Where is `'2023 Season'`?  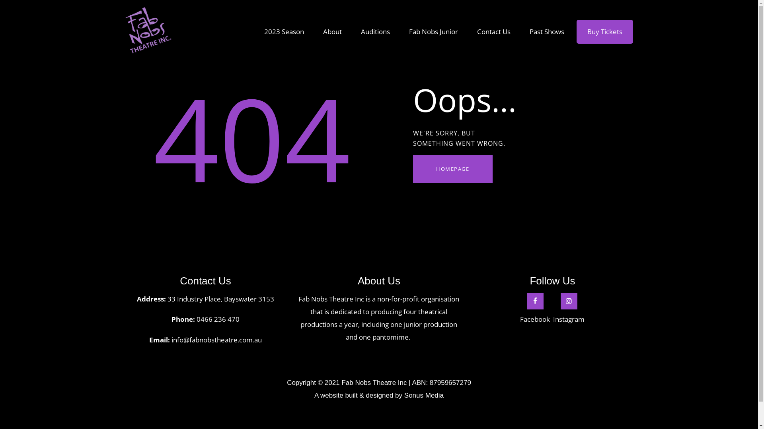
'2023 Season' is located at coordinates (284, 31).